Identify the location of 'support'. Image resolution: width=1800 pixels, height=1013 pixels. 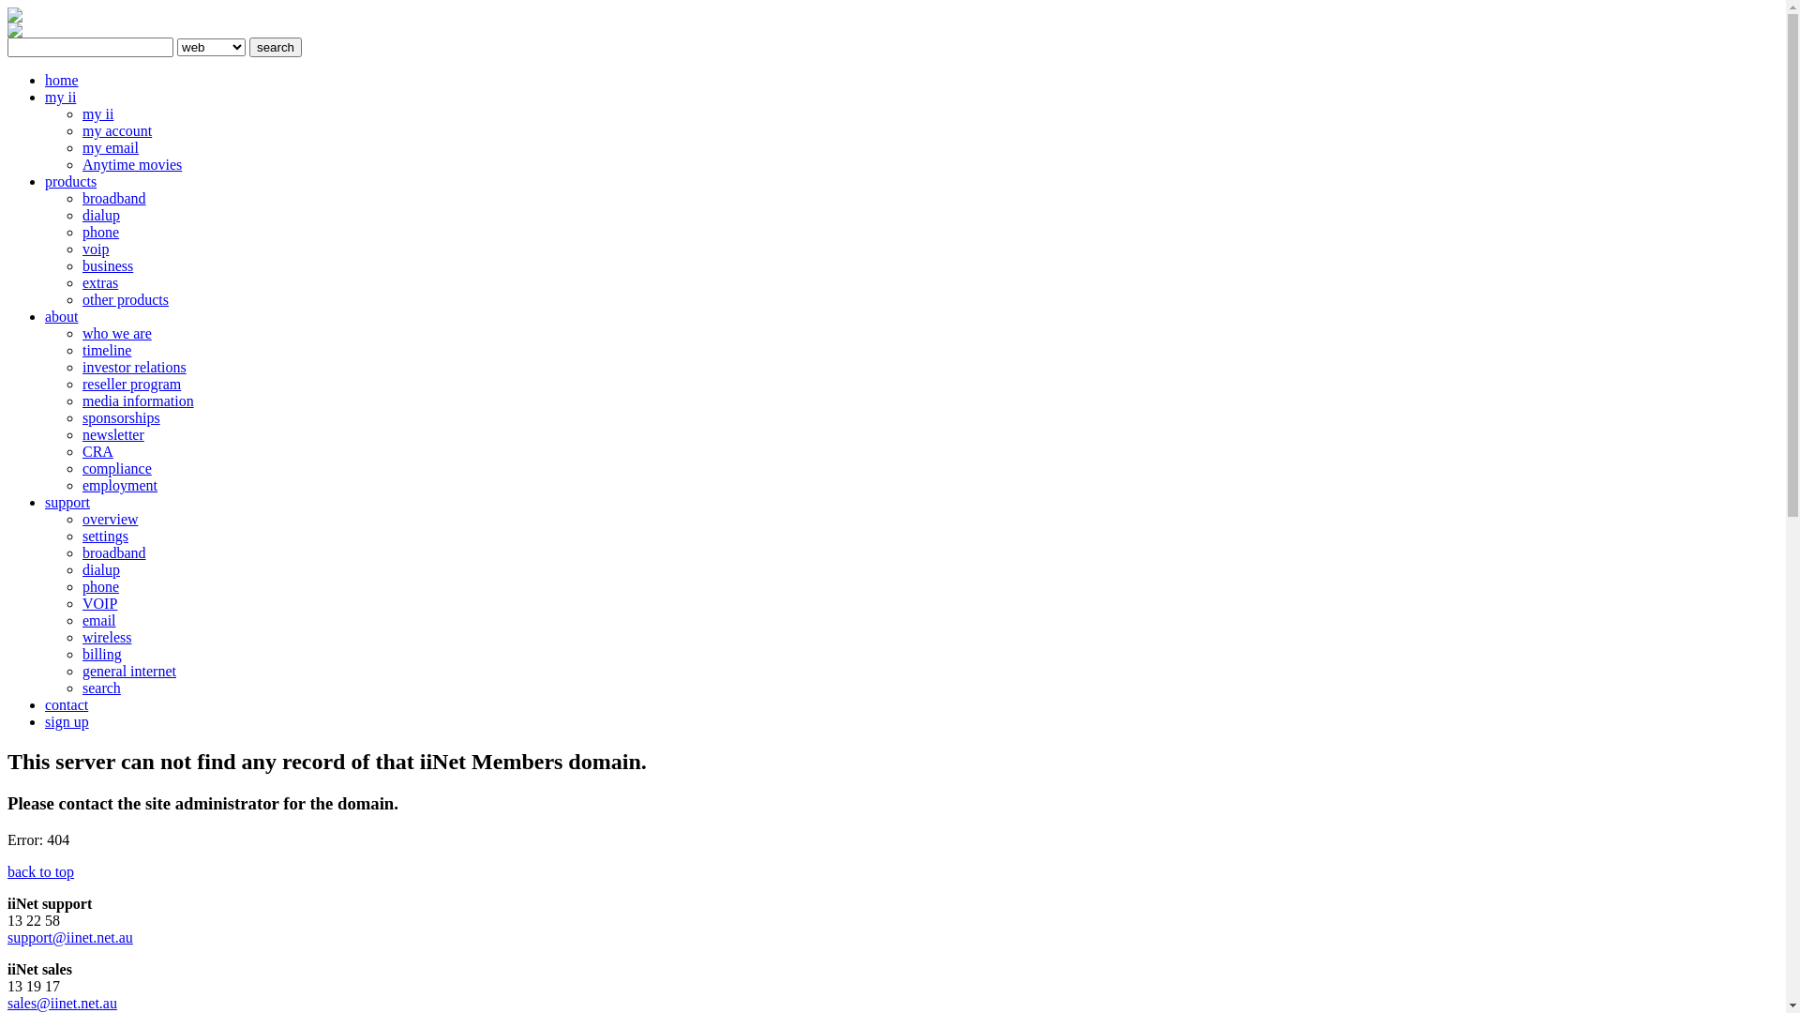
(67, 501).